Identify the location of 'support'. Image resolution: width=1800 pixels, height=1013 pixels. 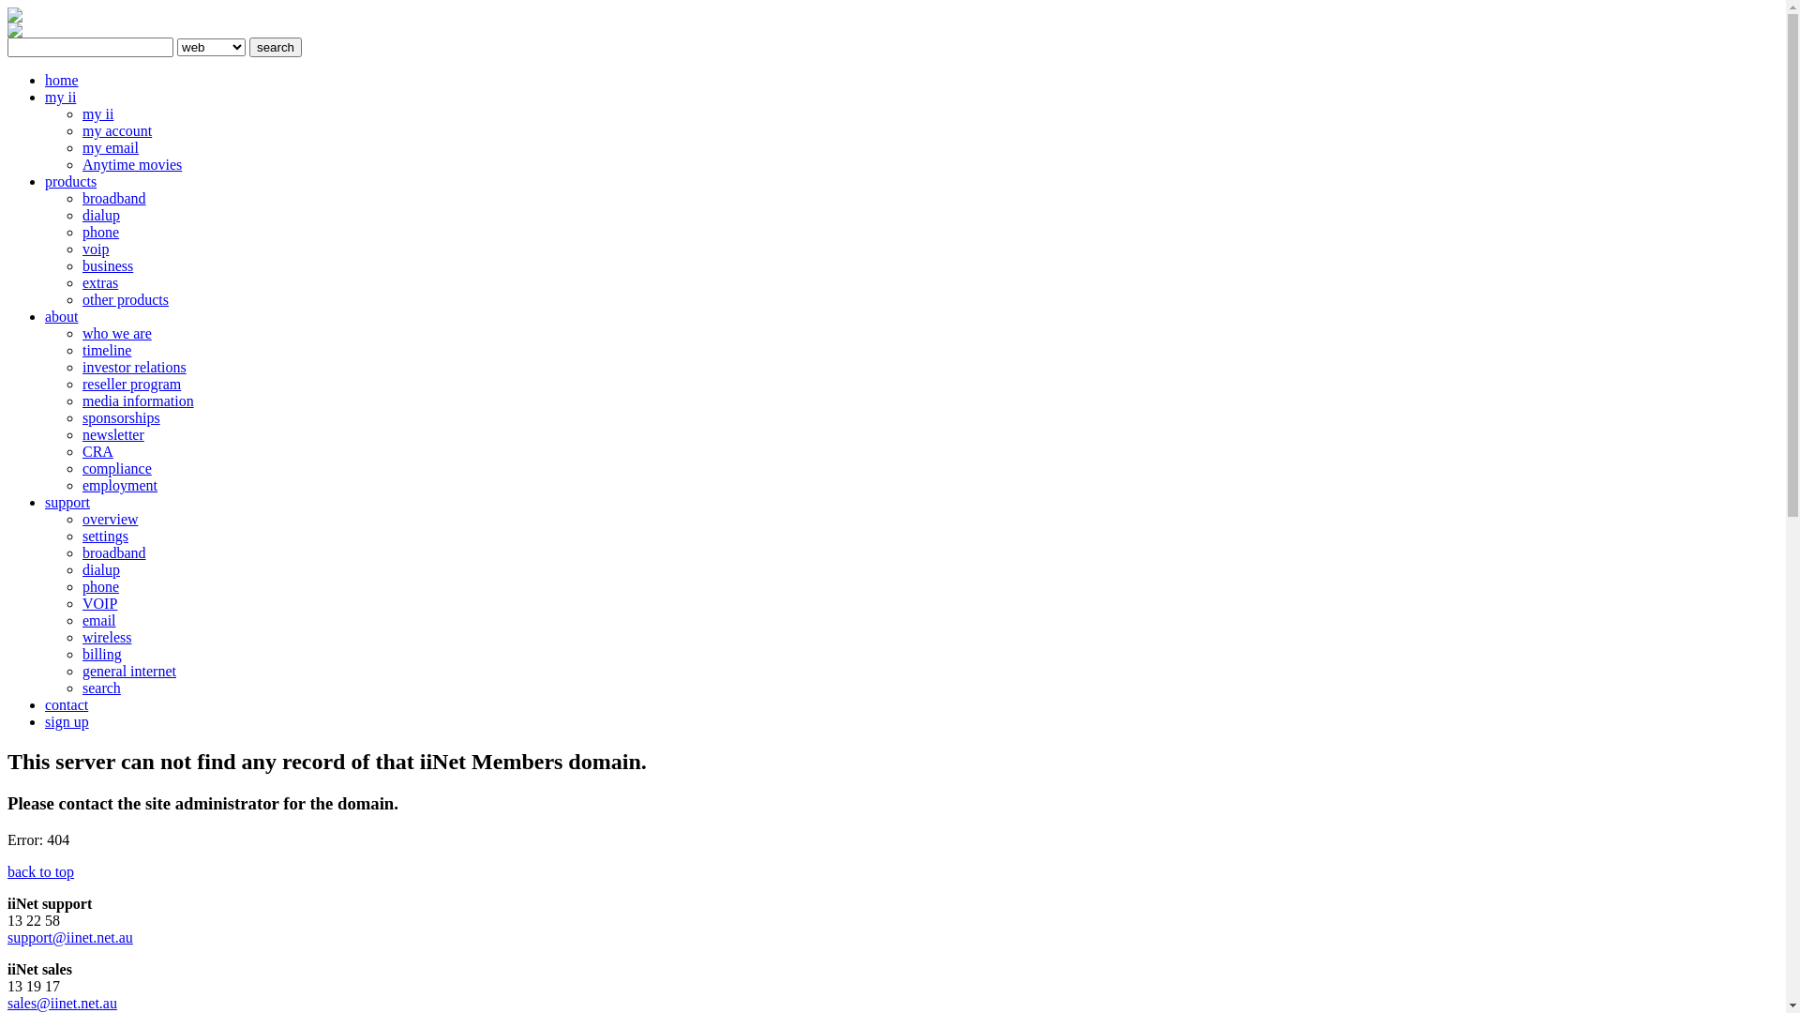
(67, 501).